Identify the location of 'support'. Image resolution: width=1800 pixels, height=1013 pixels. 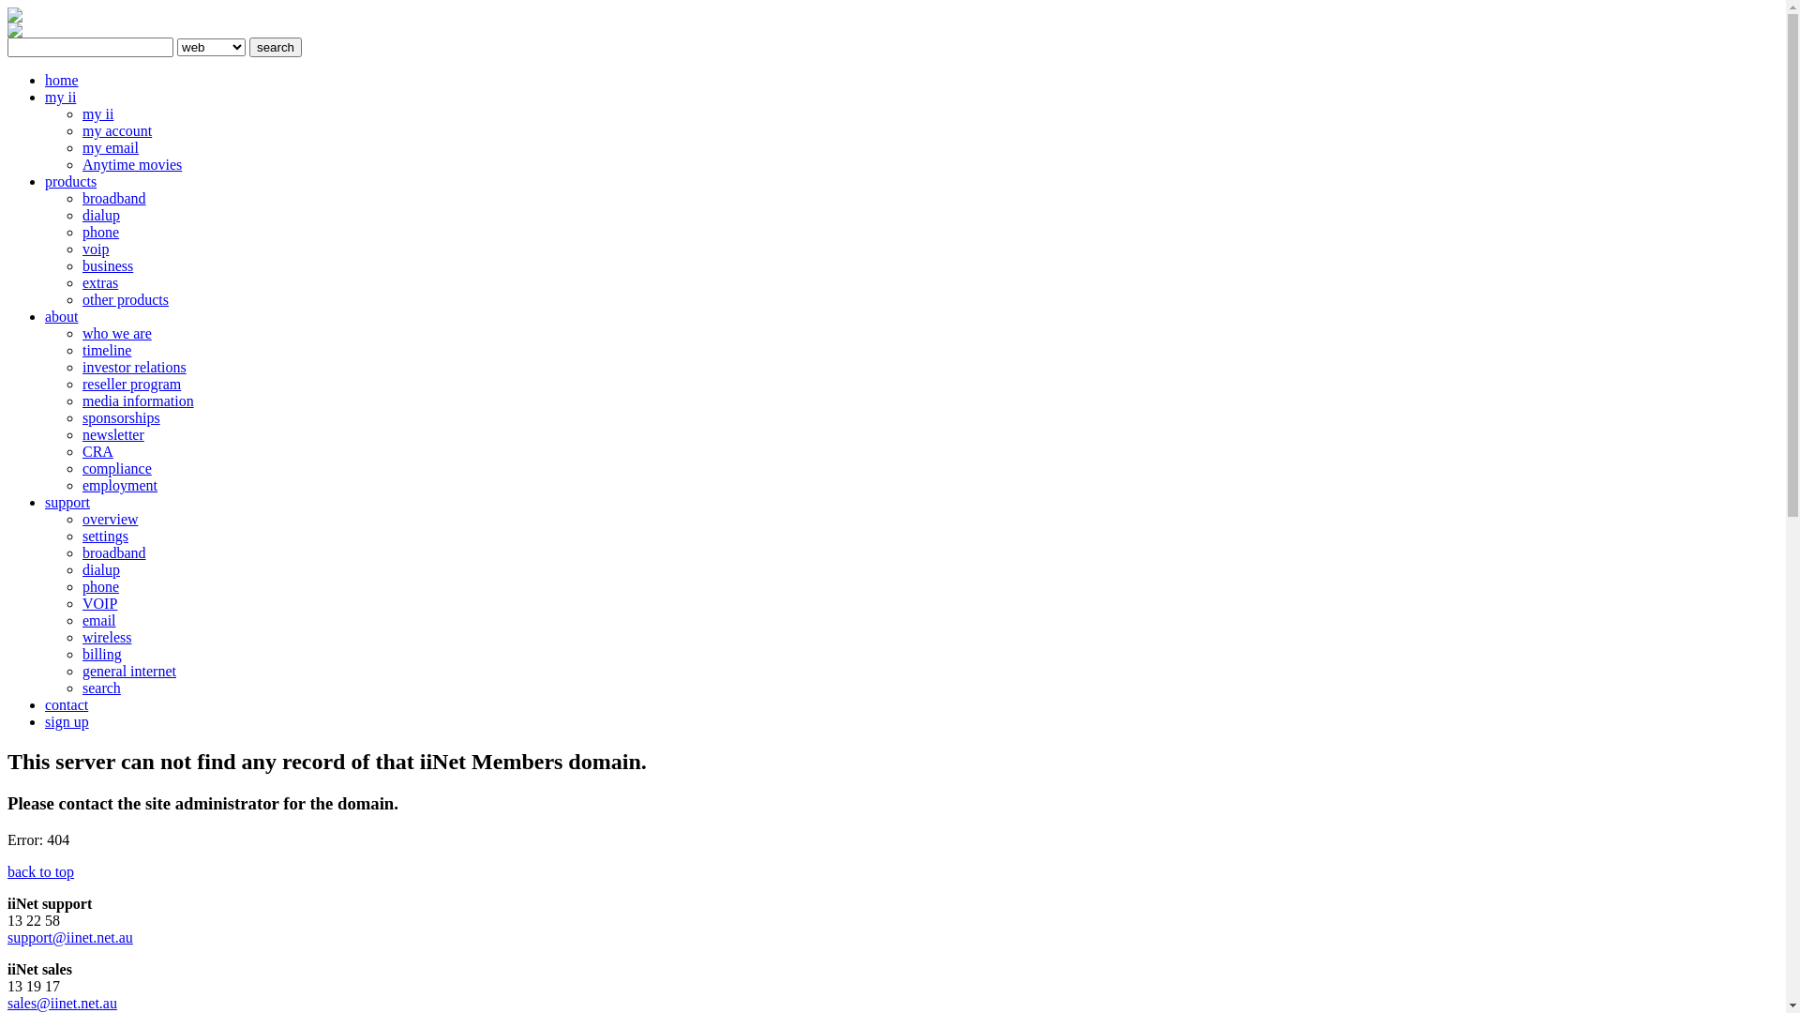
(67, 501).